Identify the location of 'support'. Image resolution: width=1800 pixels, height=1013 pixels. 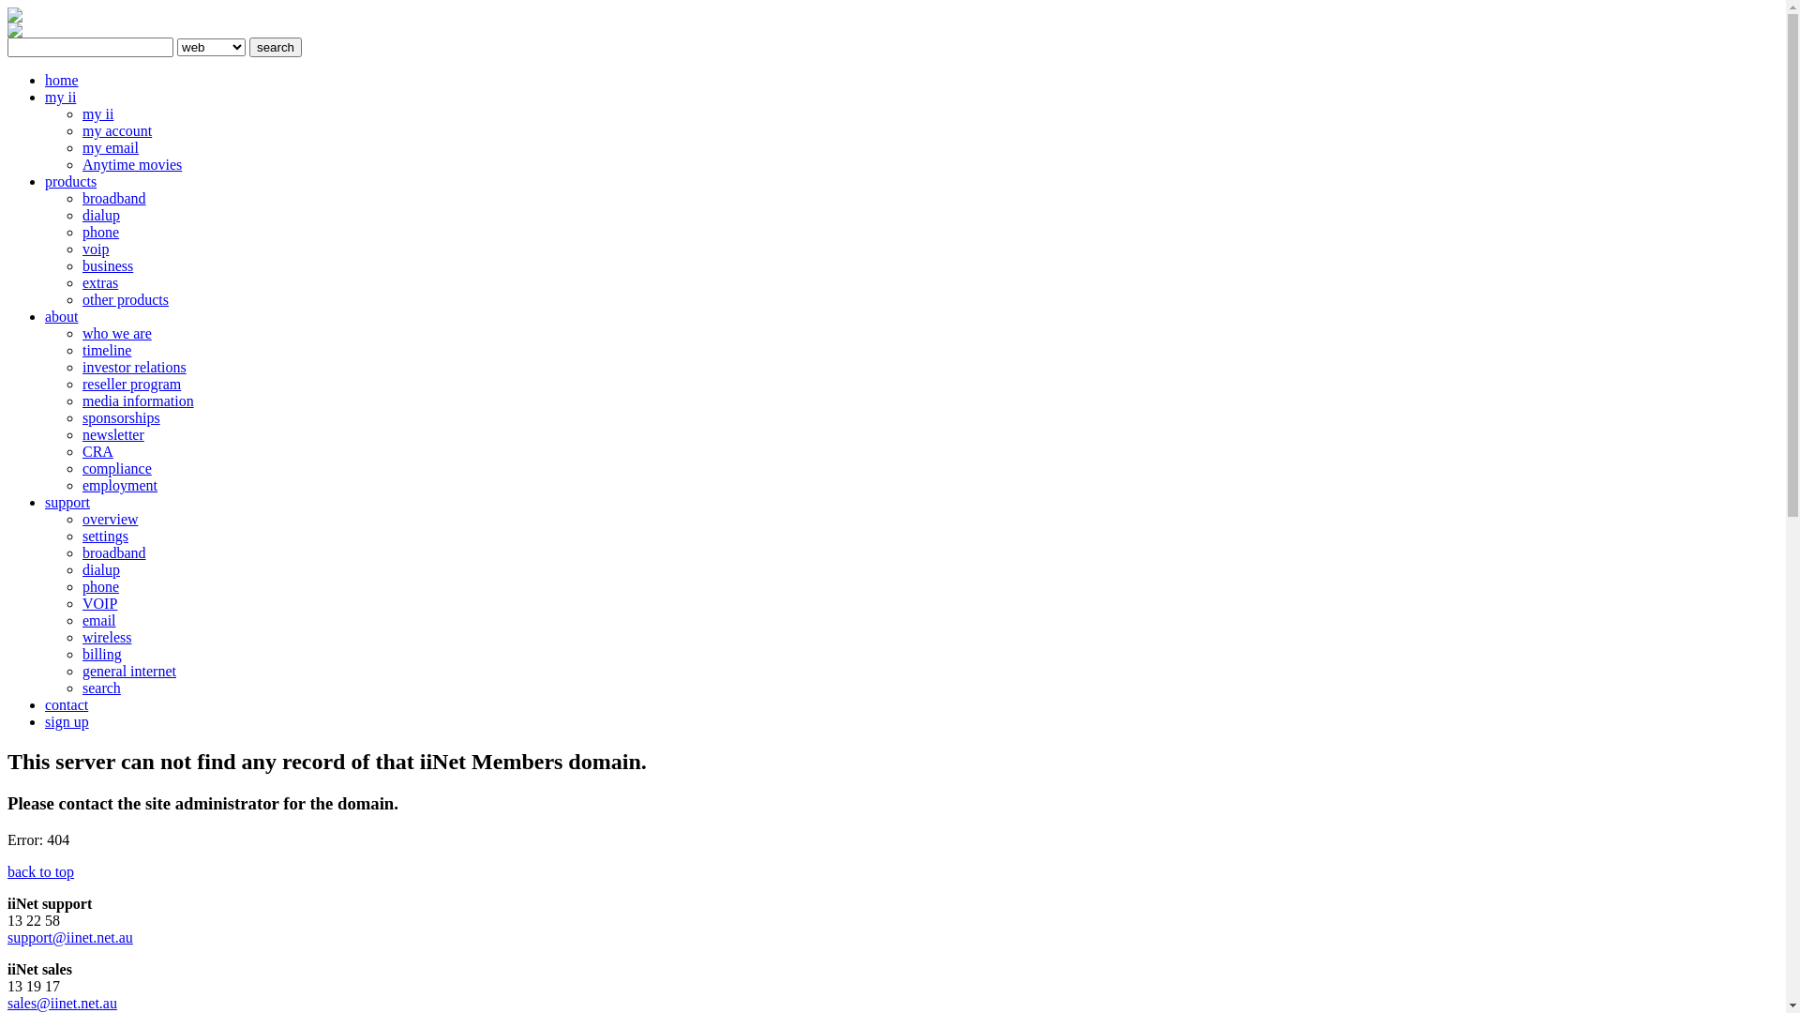
(67, 501).